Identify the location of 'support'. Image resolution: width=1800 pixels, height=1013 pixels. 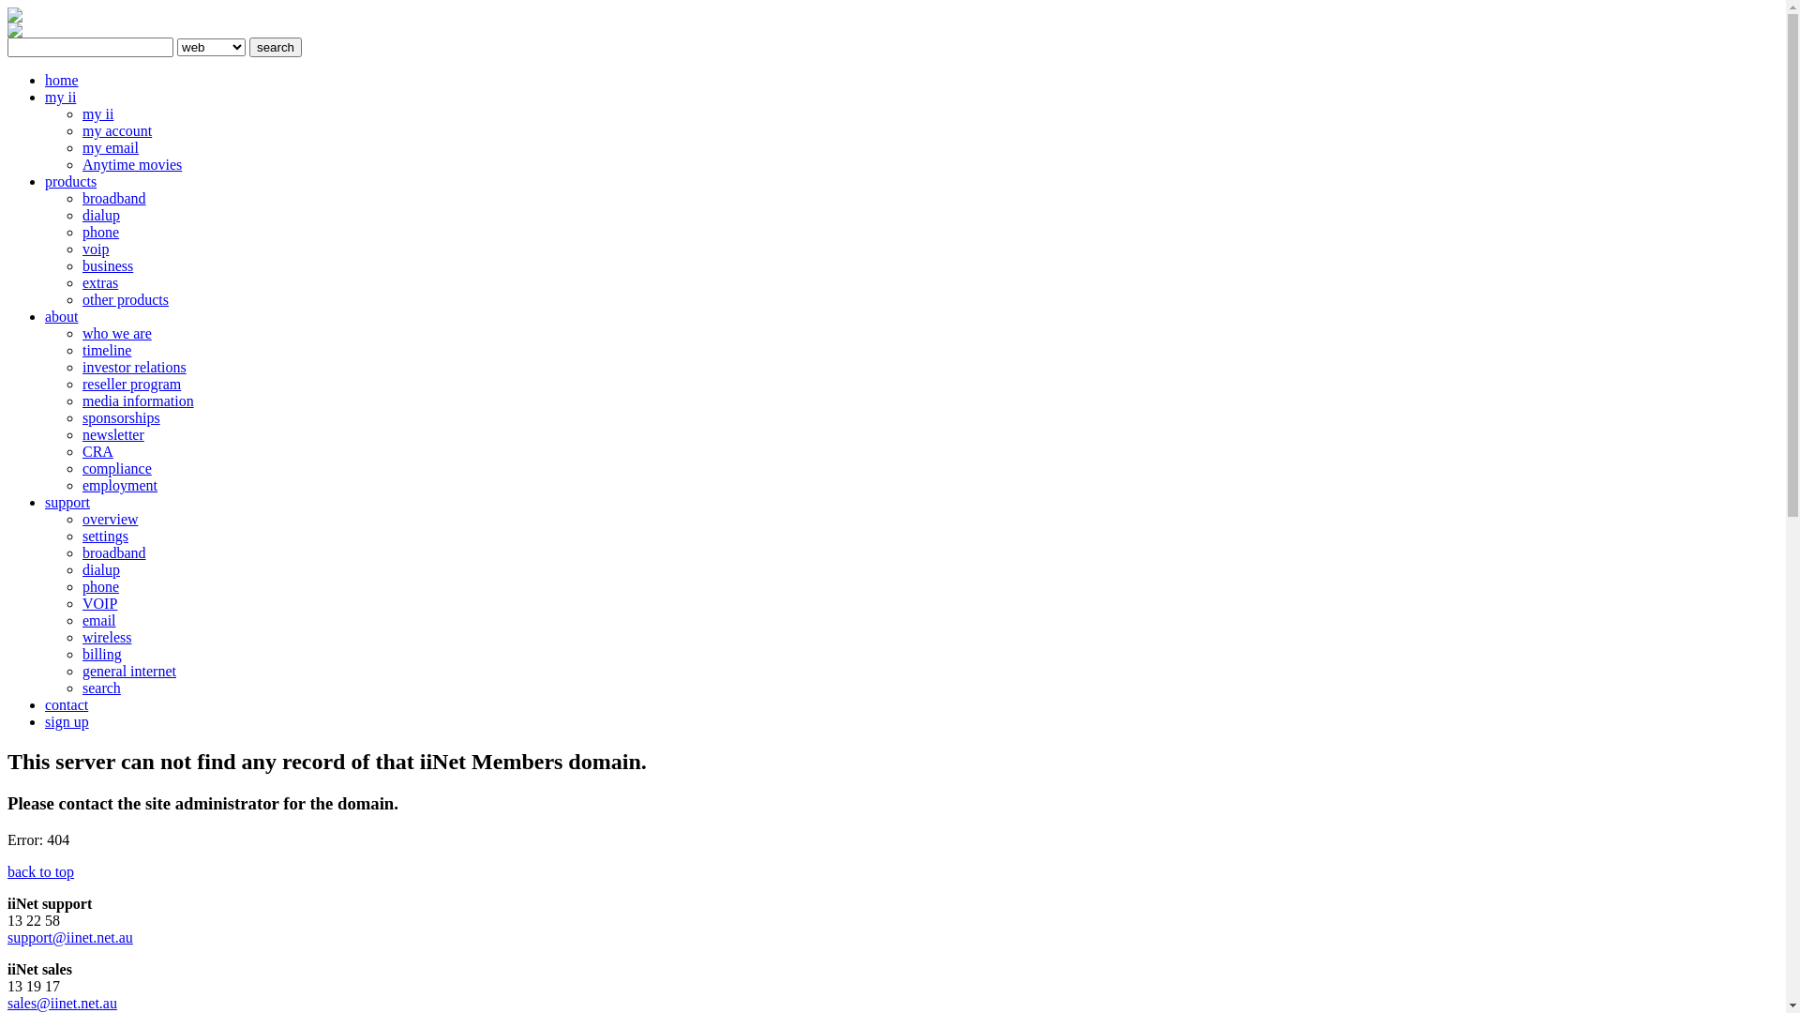
(67, 501).